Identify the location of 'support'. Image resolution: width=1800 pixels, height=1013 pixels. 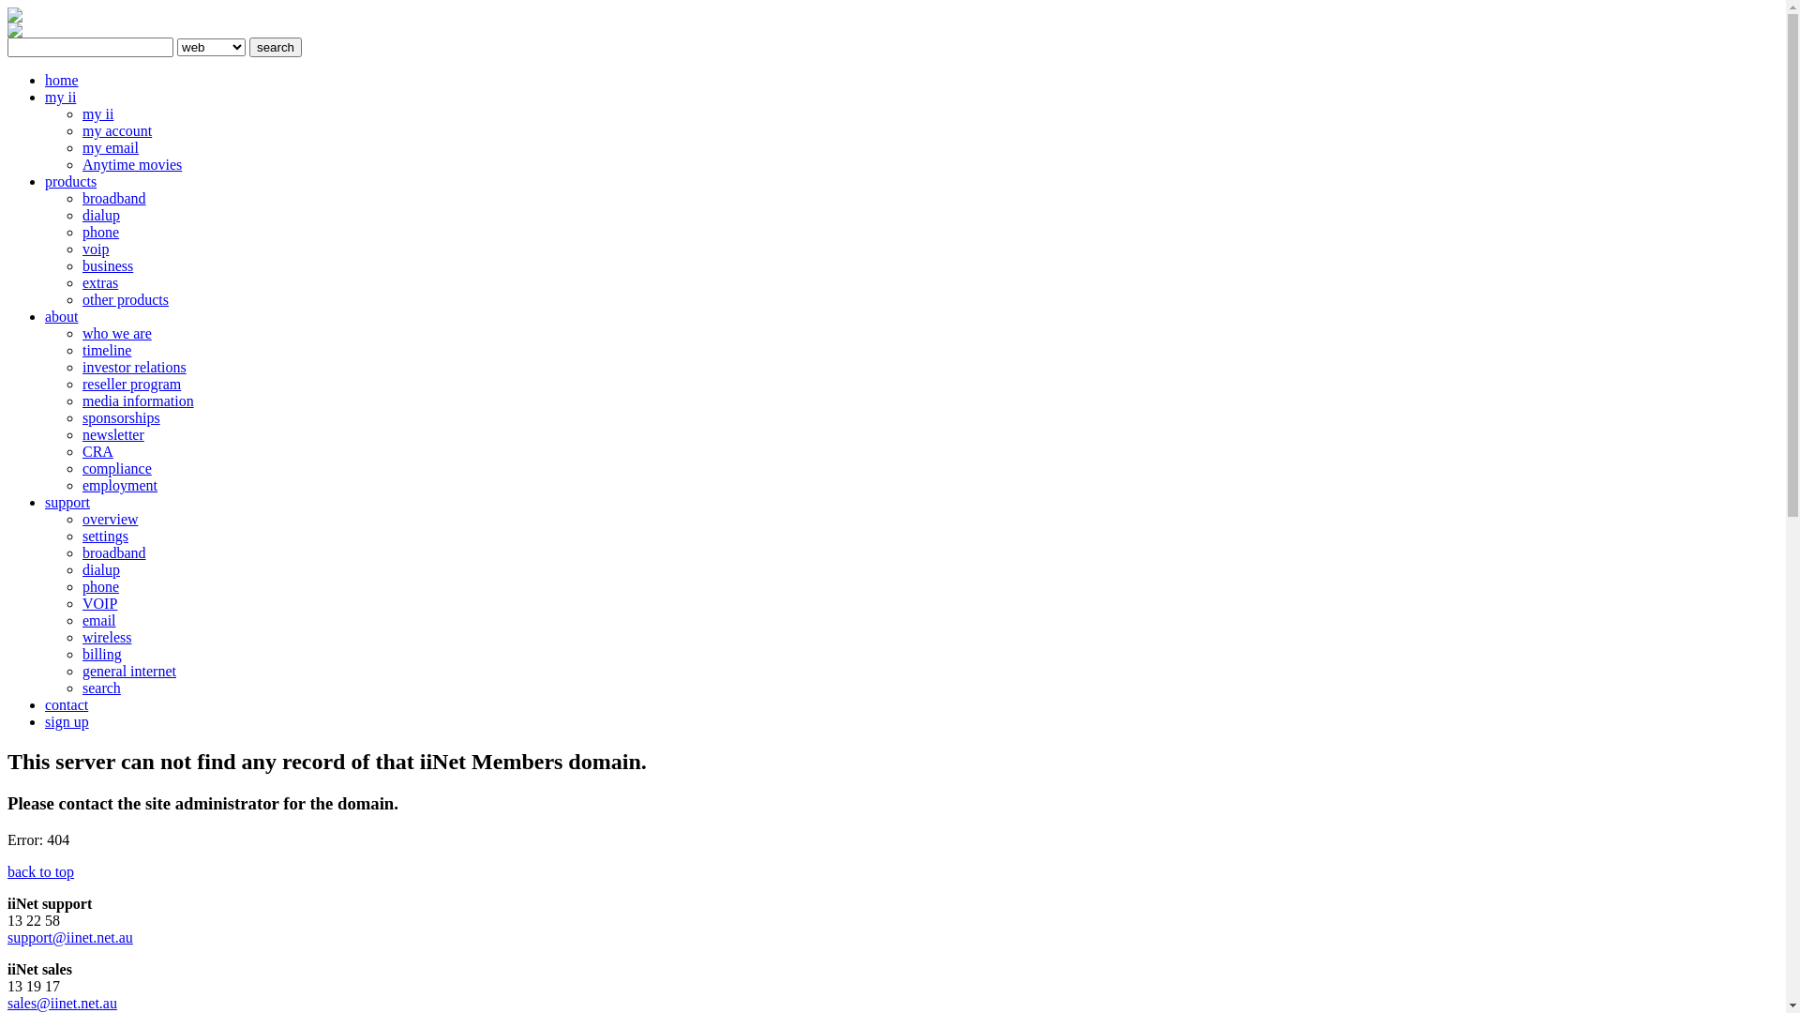
(67, 501).